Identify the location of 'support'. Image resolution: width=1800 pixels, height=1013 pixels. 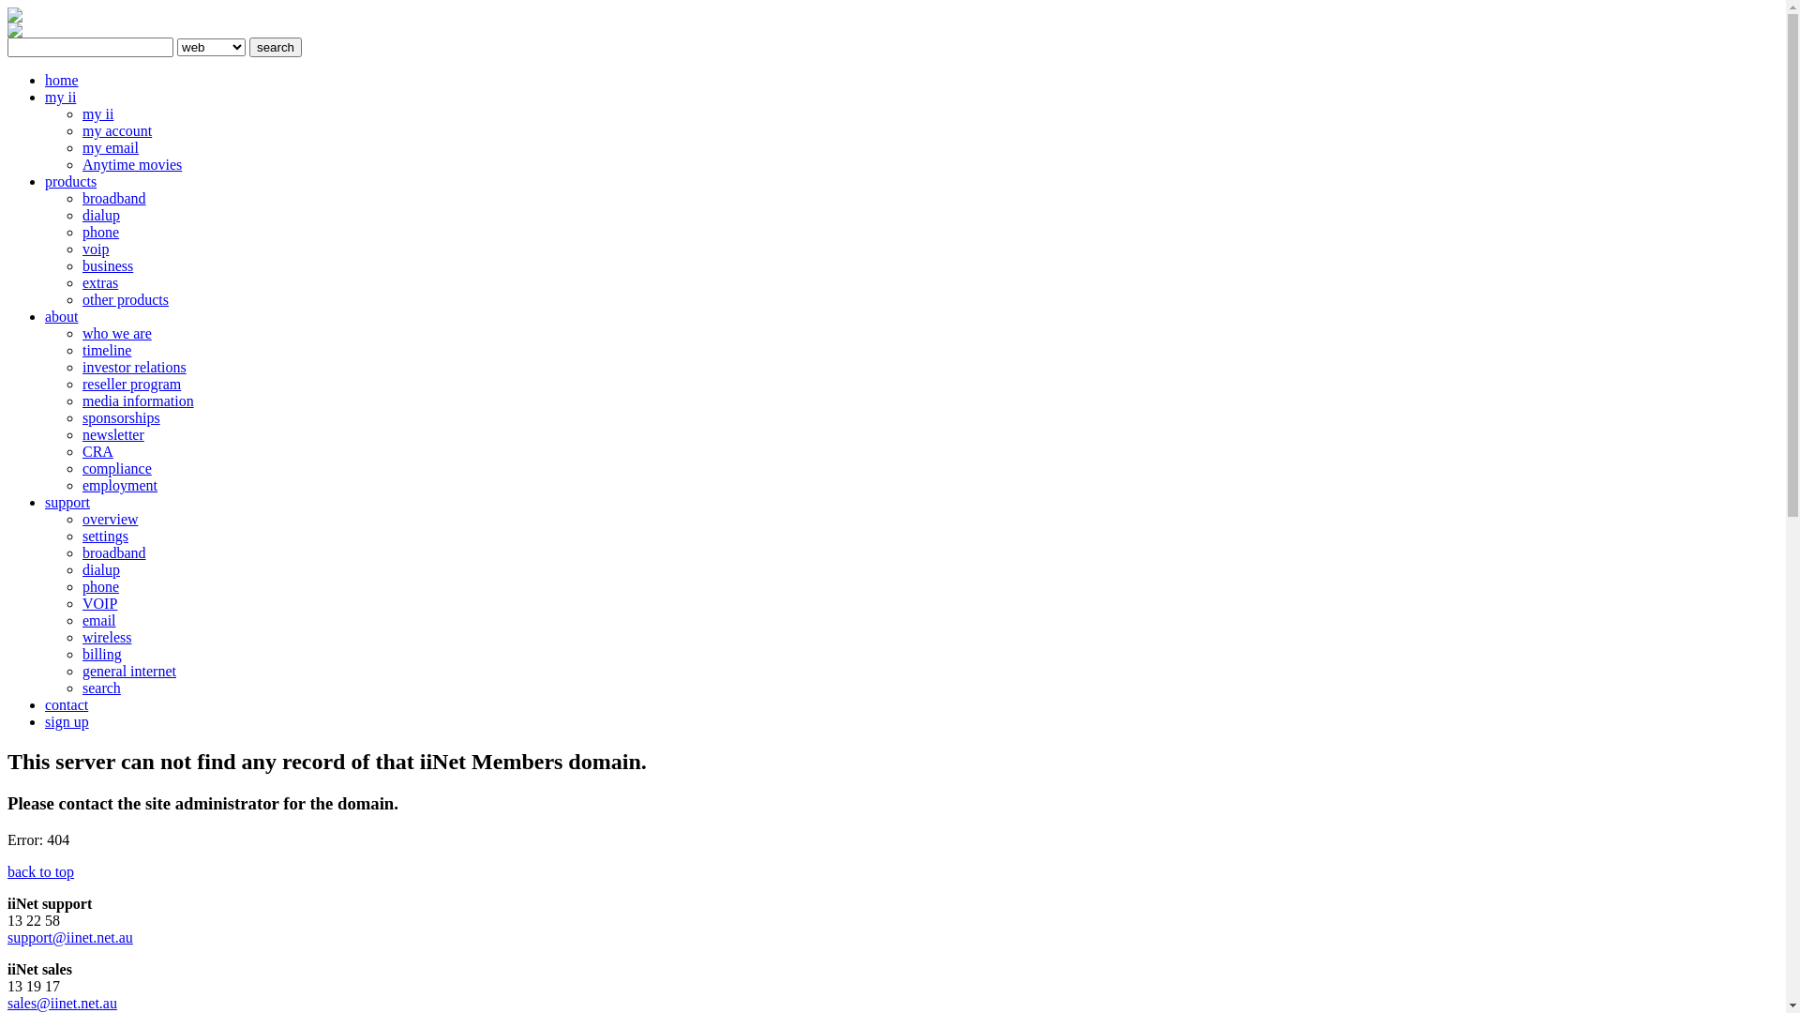
(67, 501).